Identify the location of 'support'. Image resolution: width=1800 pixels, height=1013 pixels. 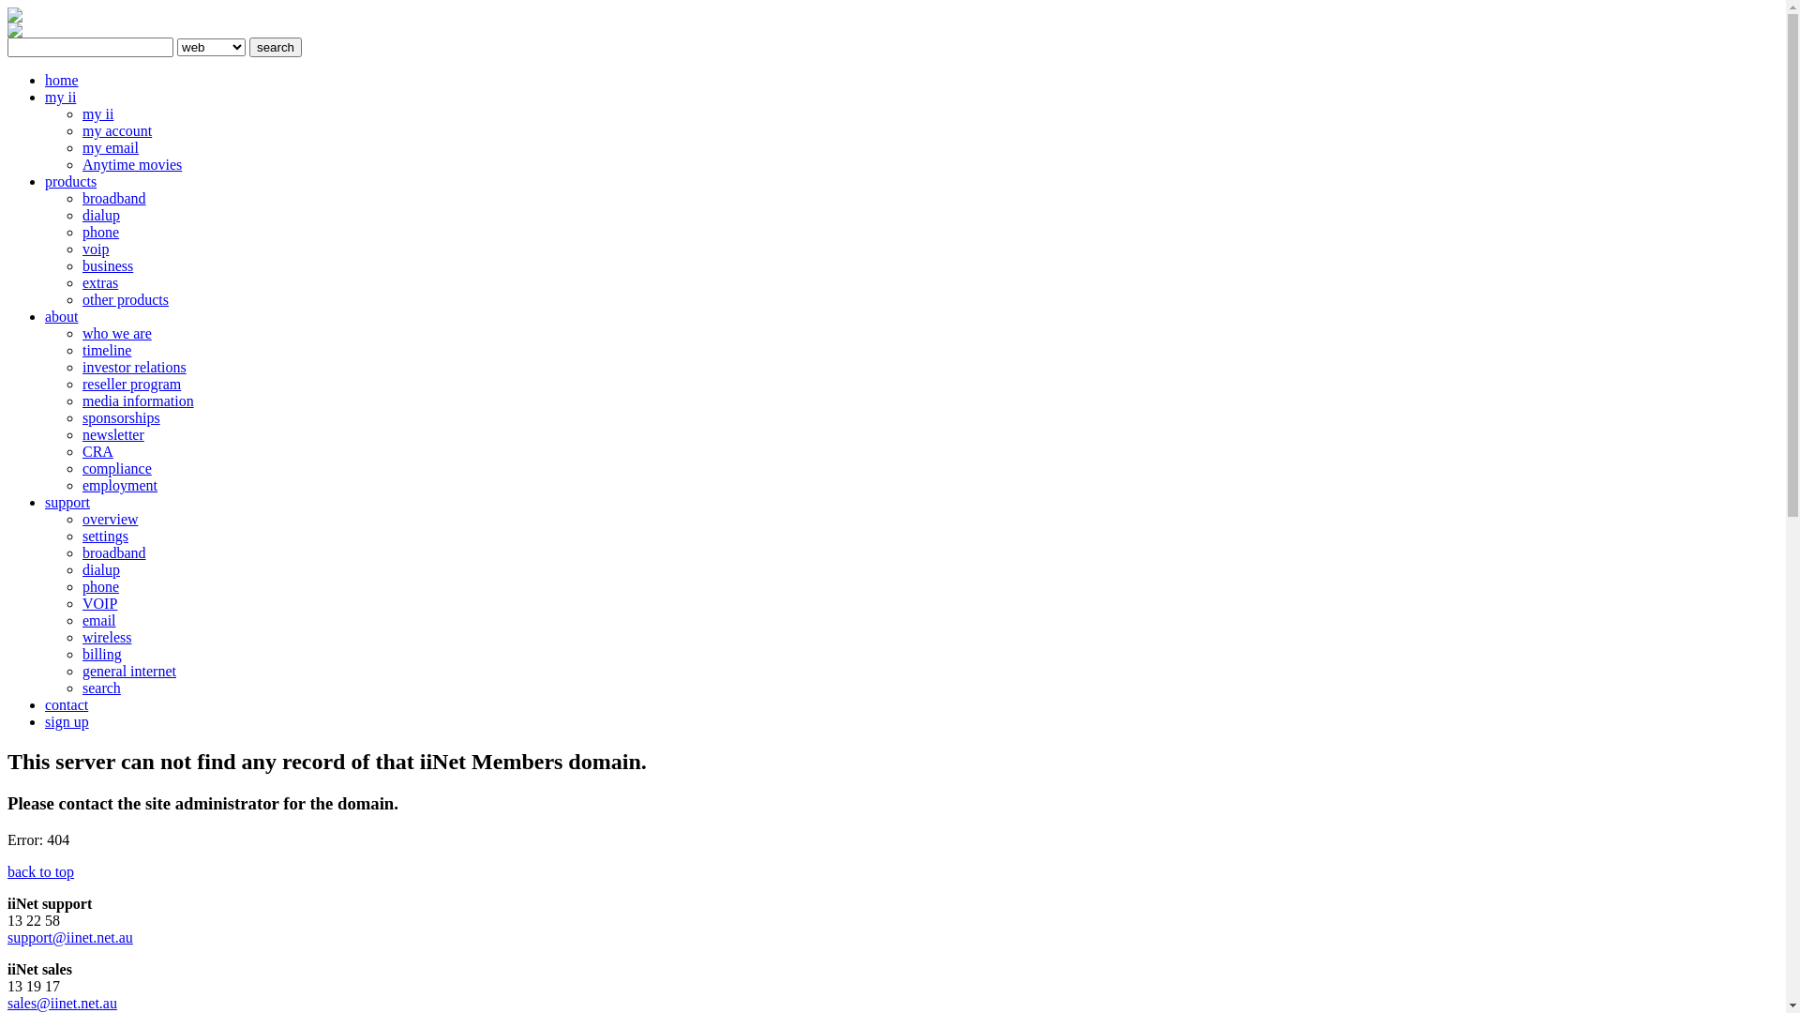
(67, 501).